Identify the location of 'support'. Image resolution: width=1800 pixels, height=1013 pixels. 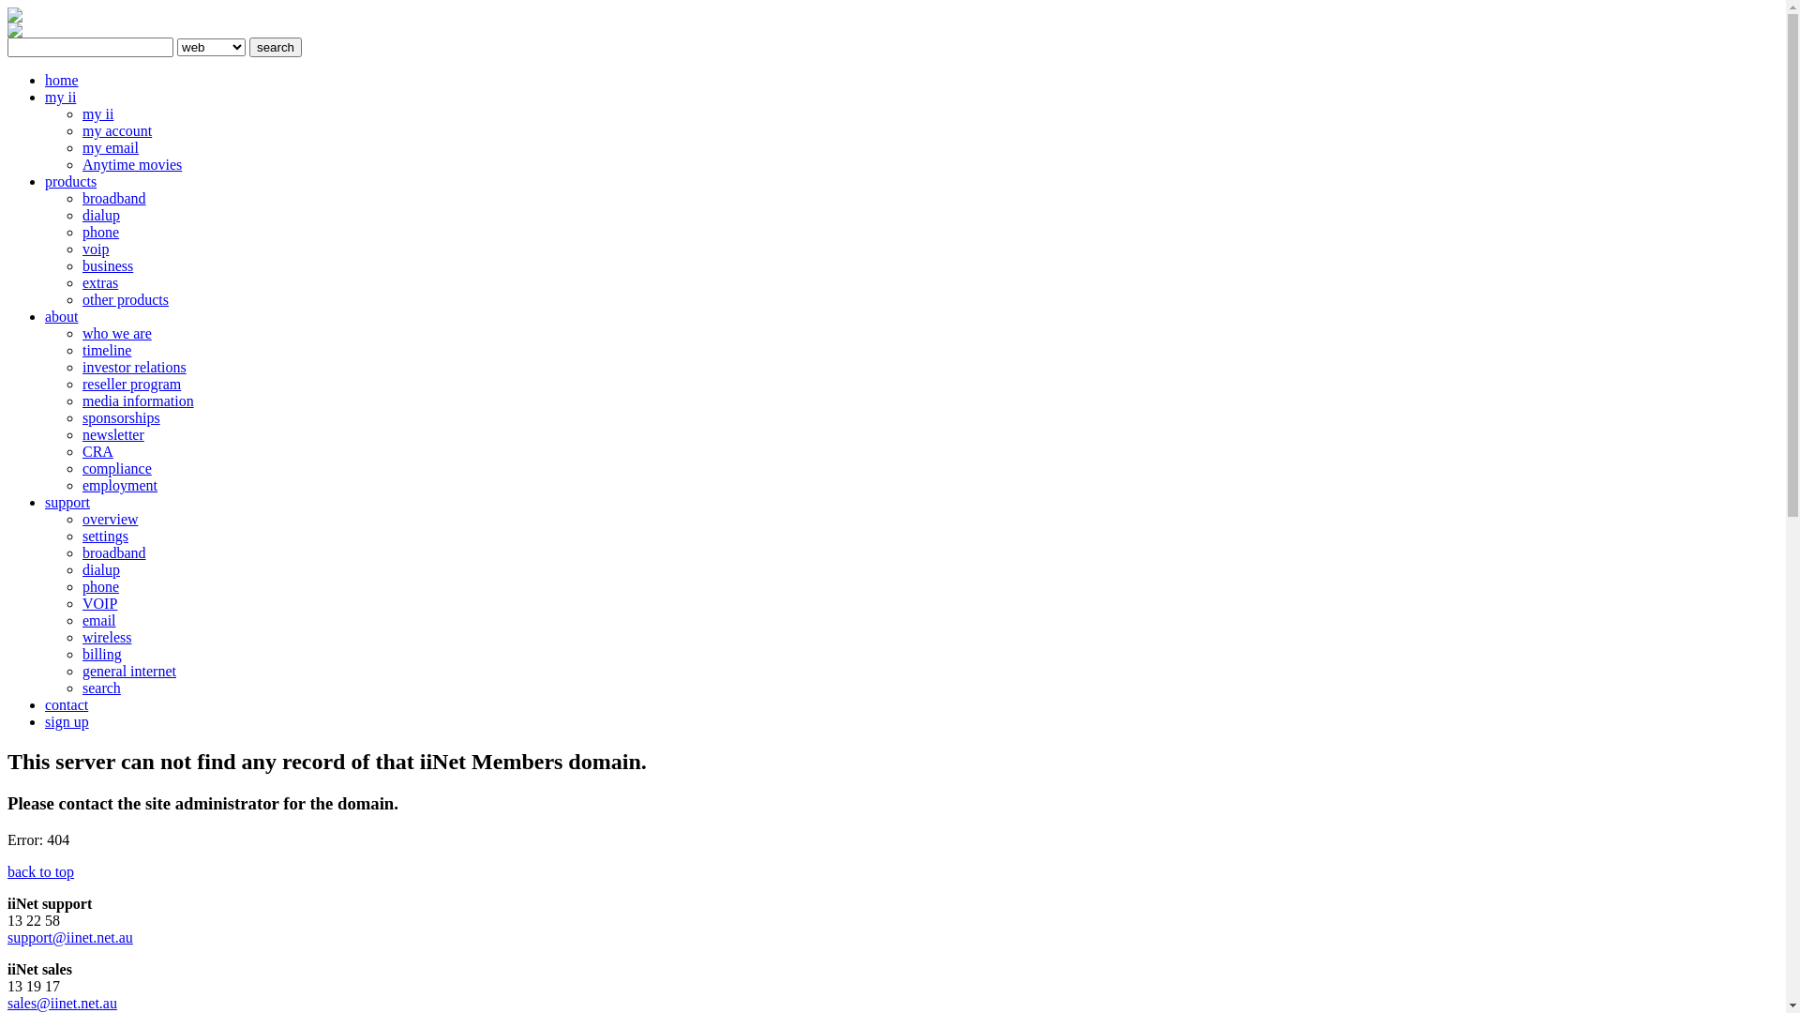
(67, 501).